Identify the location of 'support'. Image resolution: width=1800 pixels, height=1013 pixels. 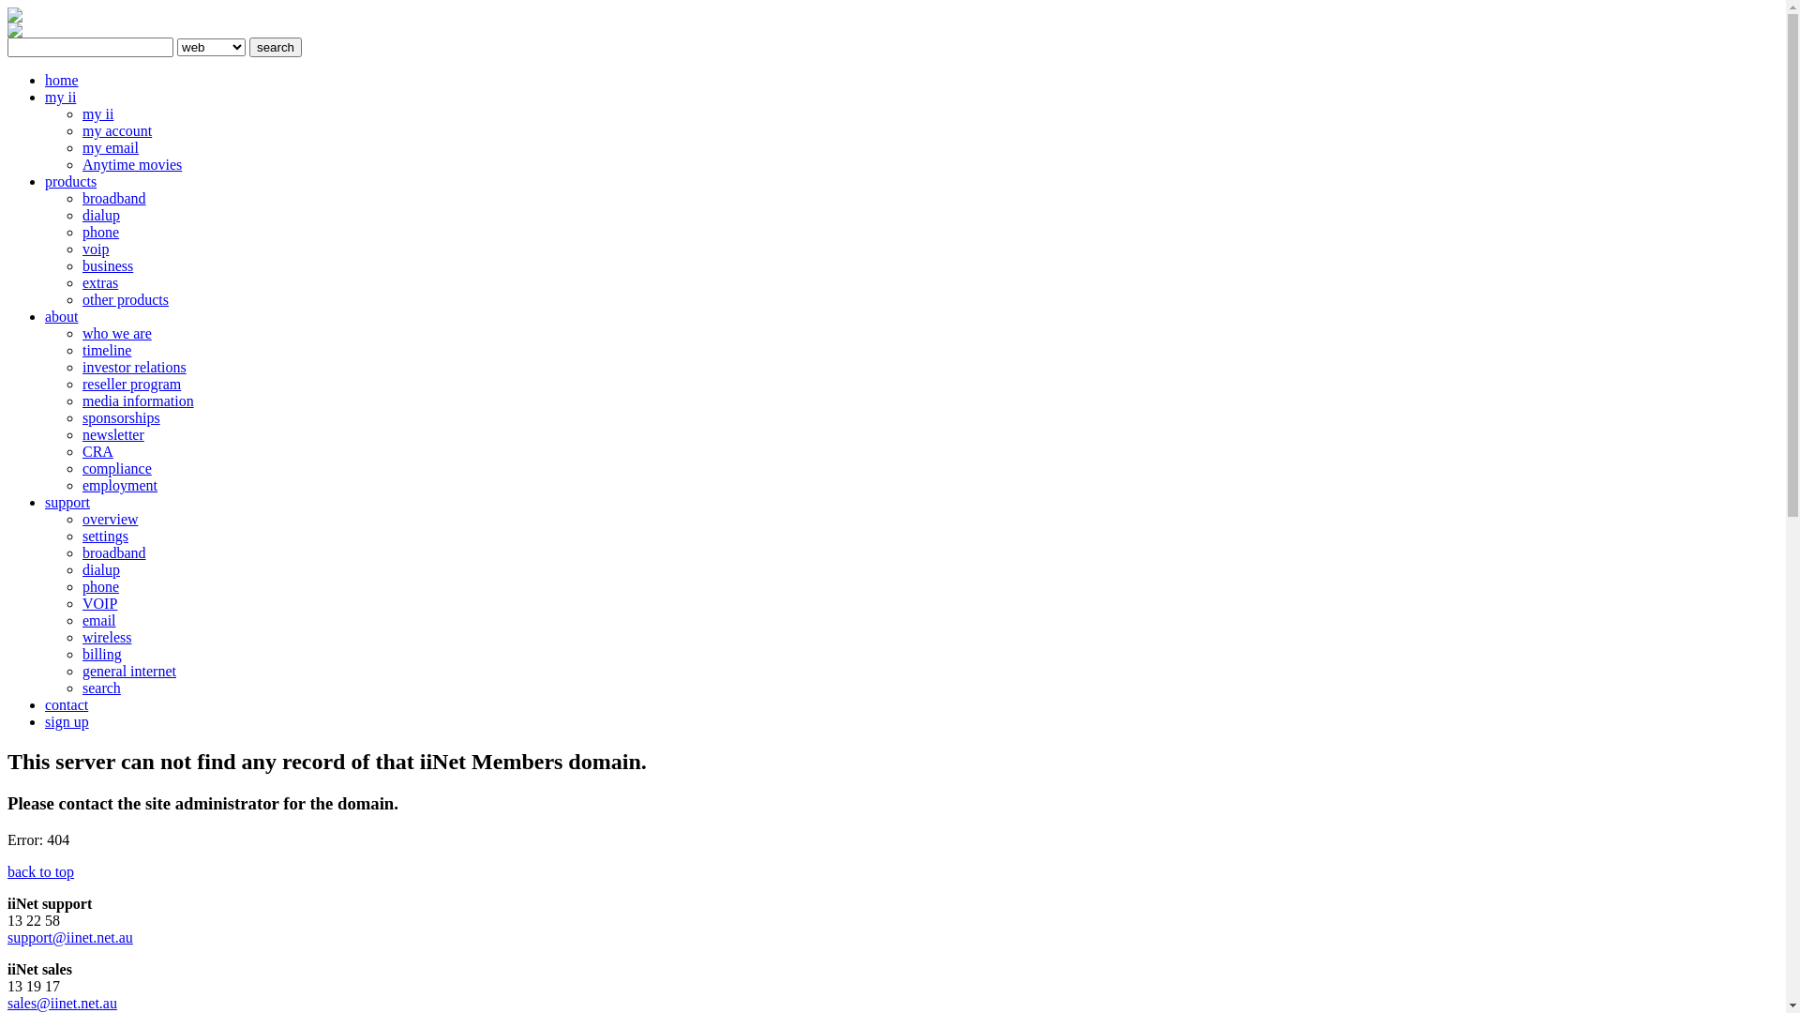
(67, 501).